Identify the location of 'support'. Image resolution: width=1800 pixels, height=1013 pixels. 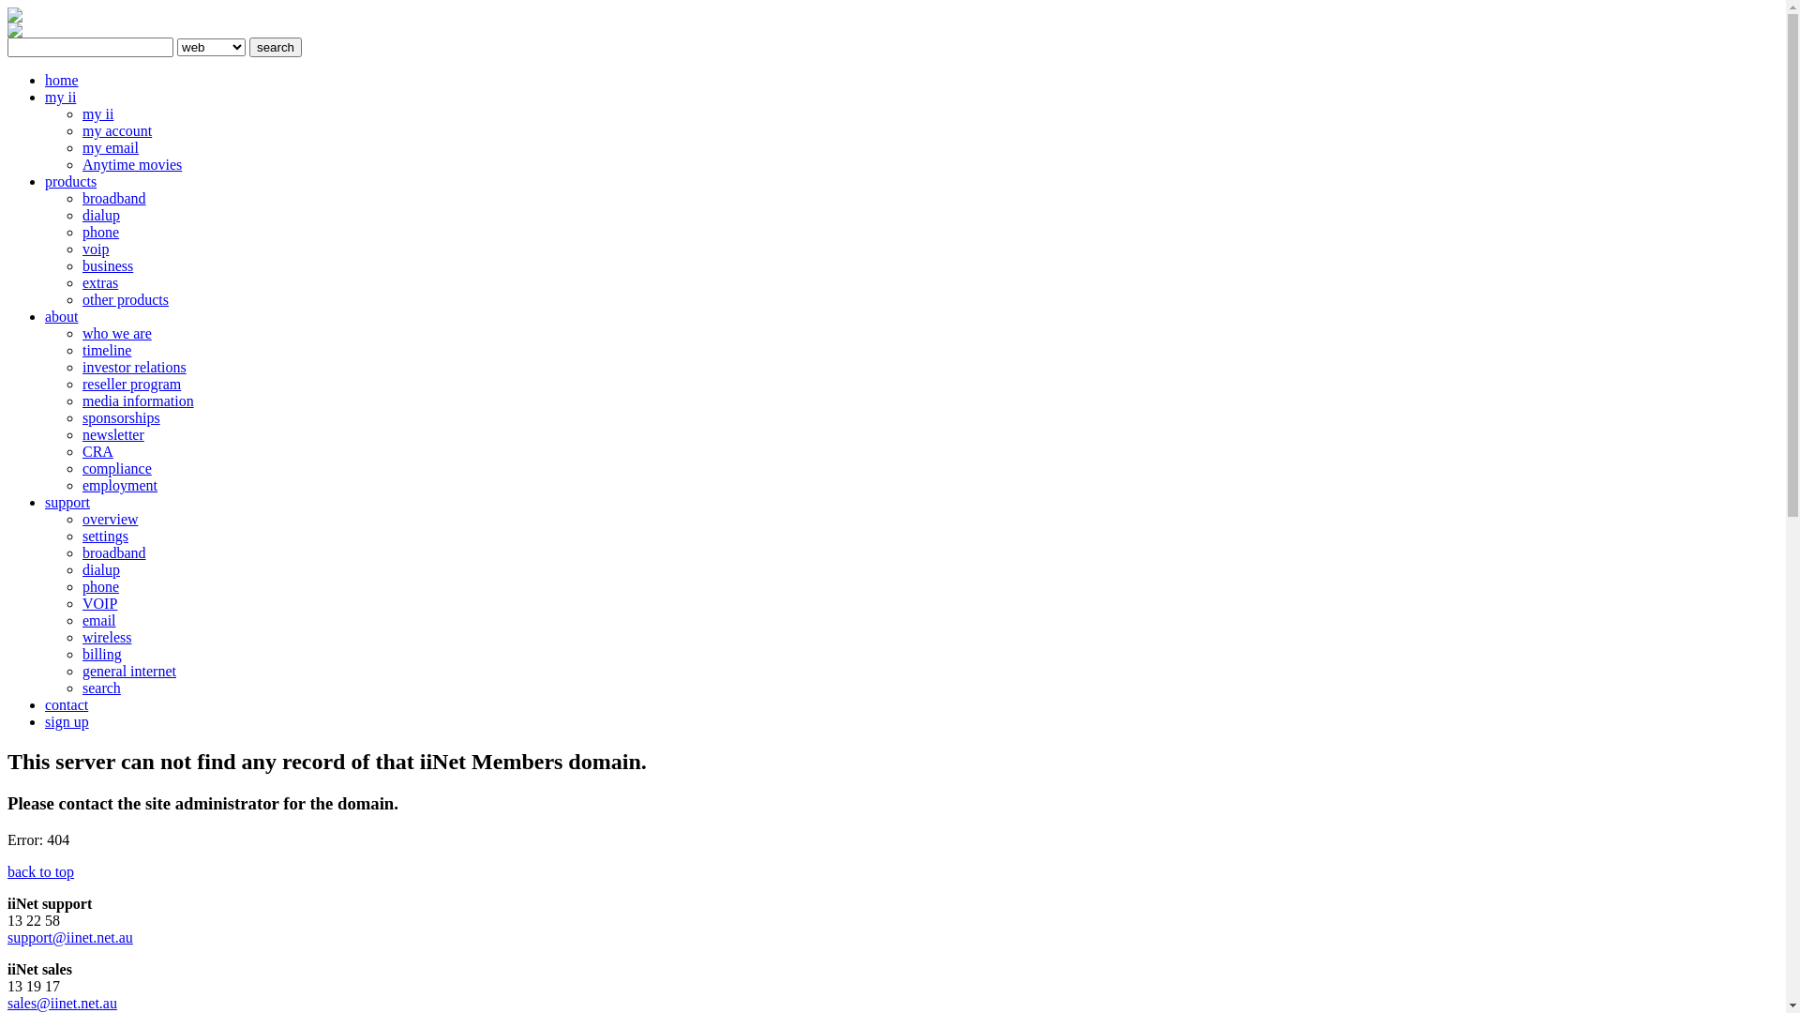
(67, 501).